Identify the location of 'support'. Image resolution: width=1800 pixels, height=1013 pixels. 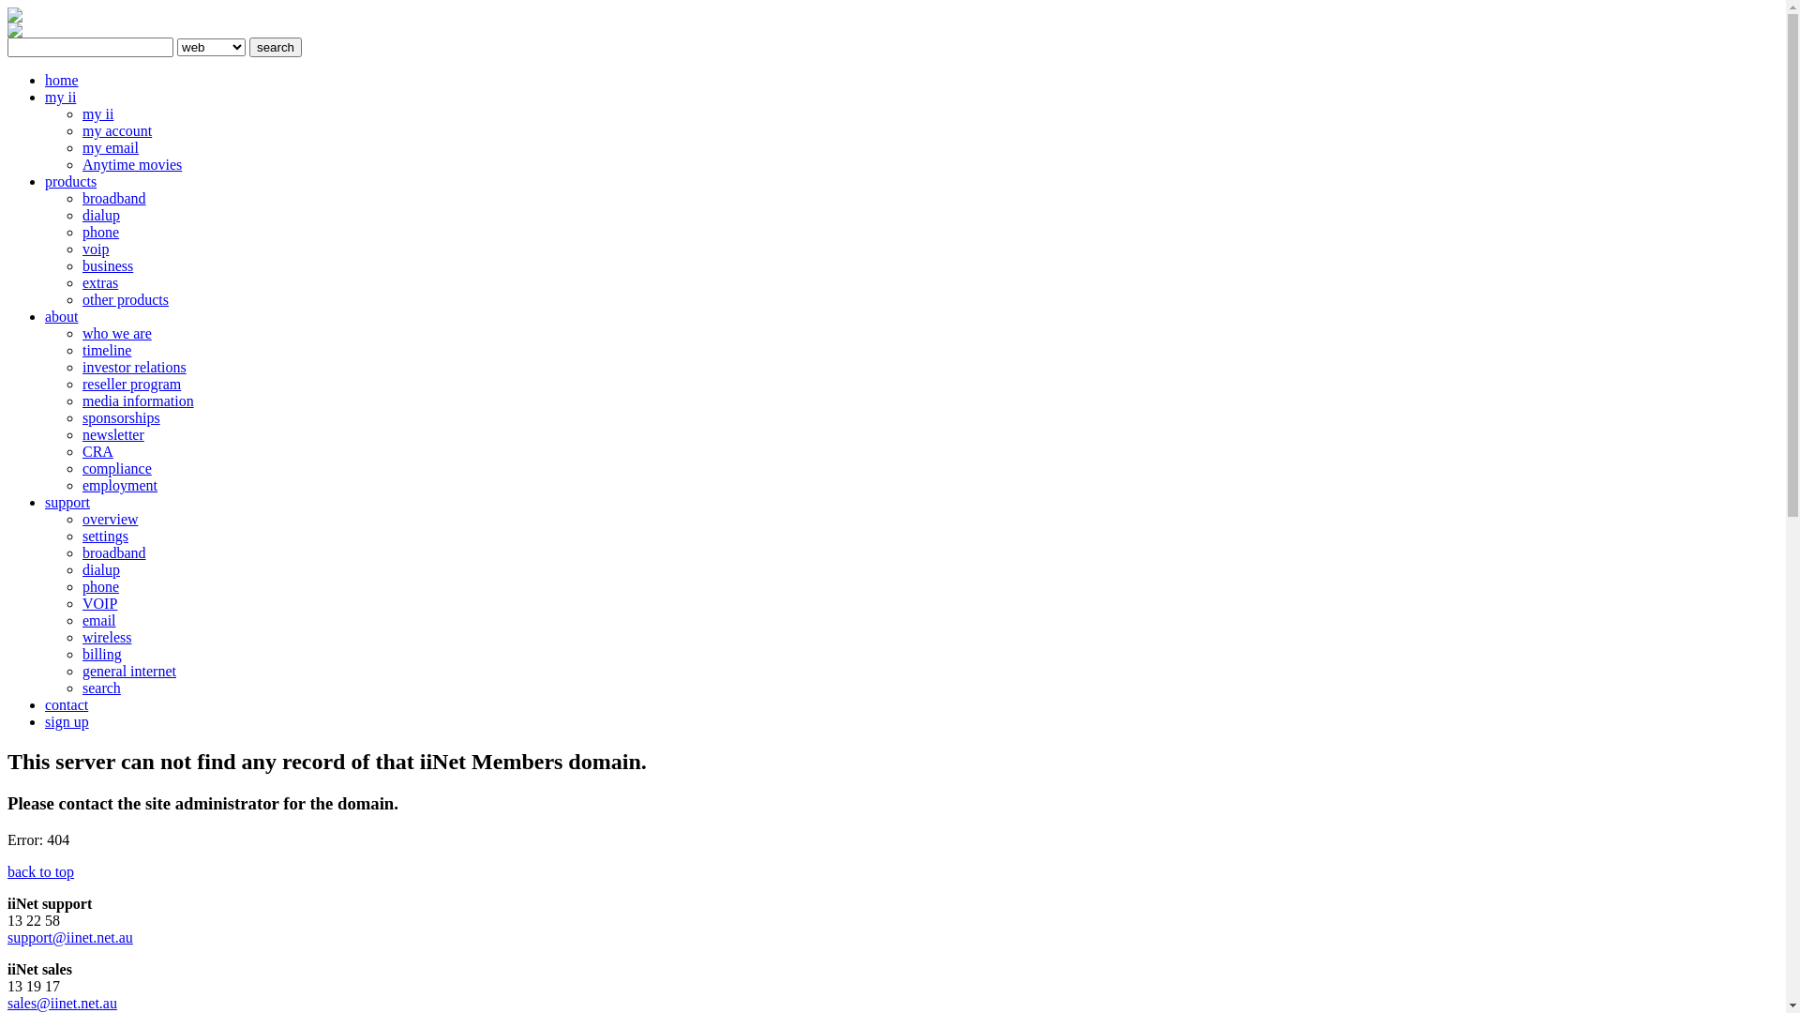
(67, 501).